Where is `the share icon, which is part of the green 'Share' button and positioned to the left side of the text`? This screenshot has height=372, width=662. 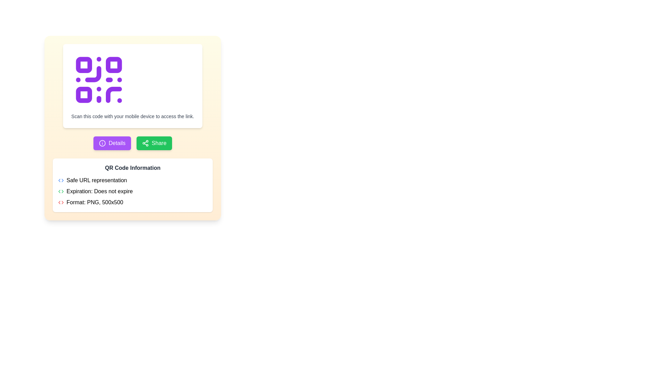 the share icon, which is part of the green 'Share' button and positioned to the left side of the text is located at coordinates (145, 143).